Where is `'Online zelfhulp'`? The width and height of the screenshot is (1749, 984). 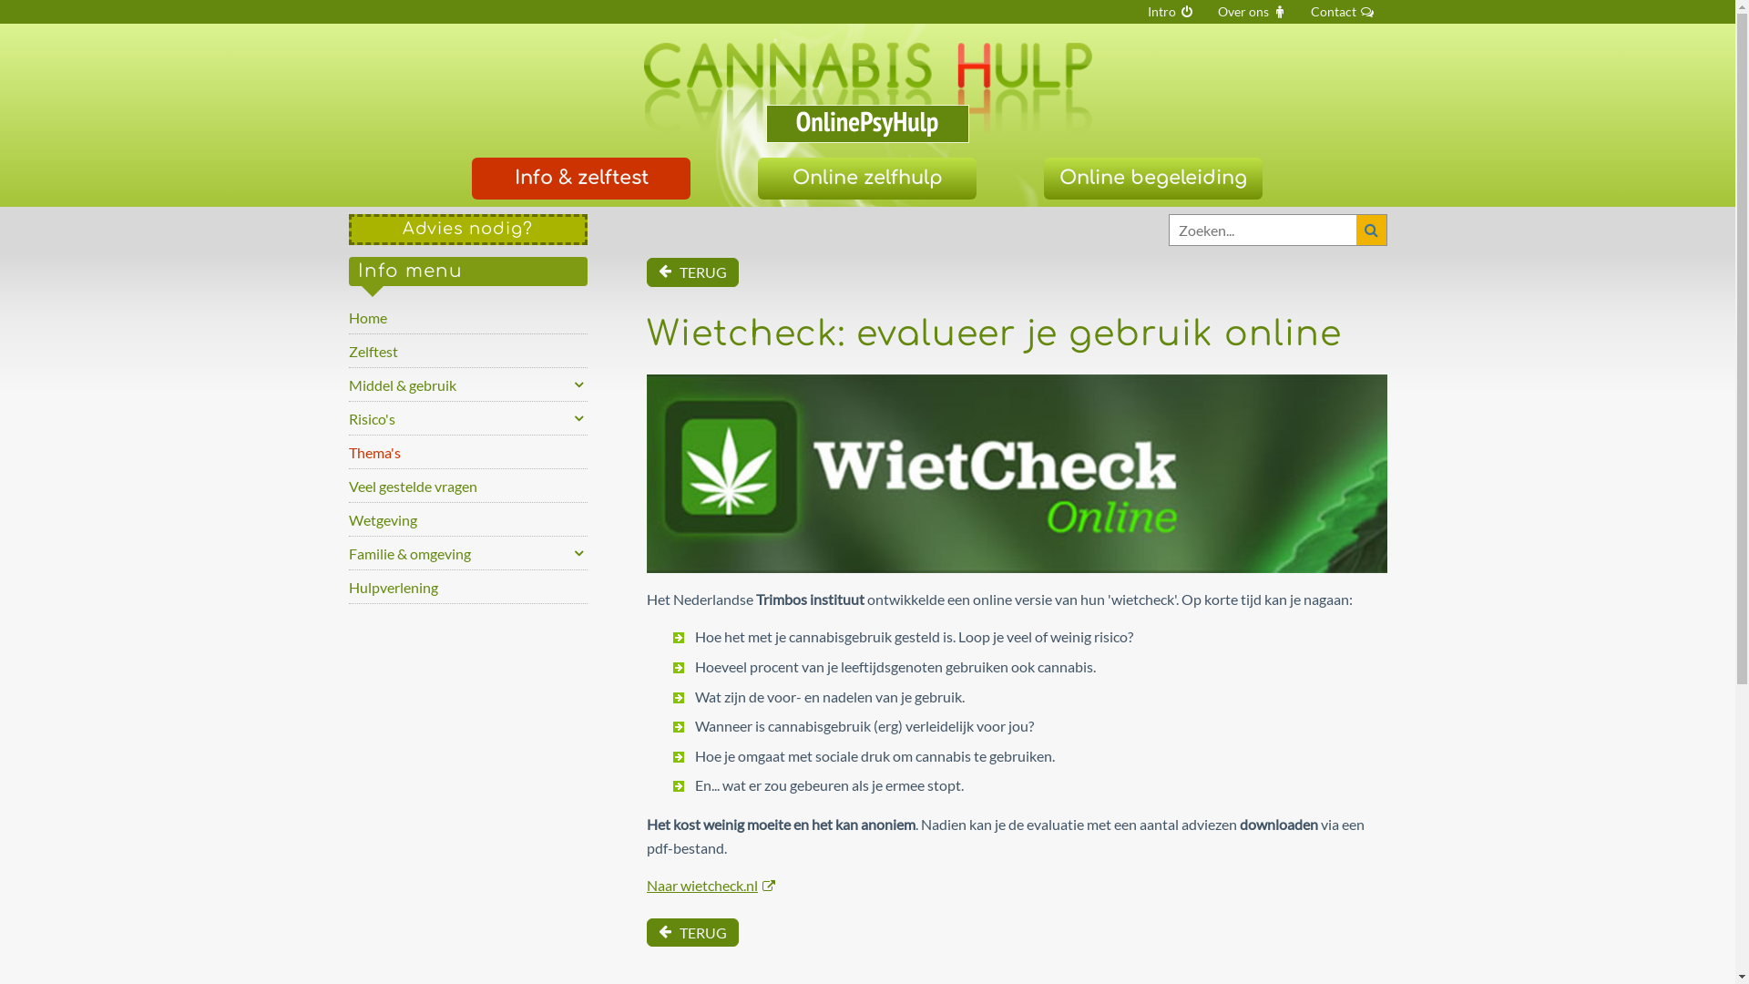
'Online zelfhulp' is located at coordinates (865, 179).